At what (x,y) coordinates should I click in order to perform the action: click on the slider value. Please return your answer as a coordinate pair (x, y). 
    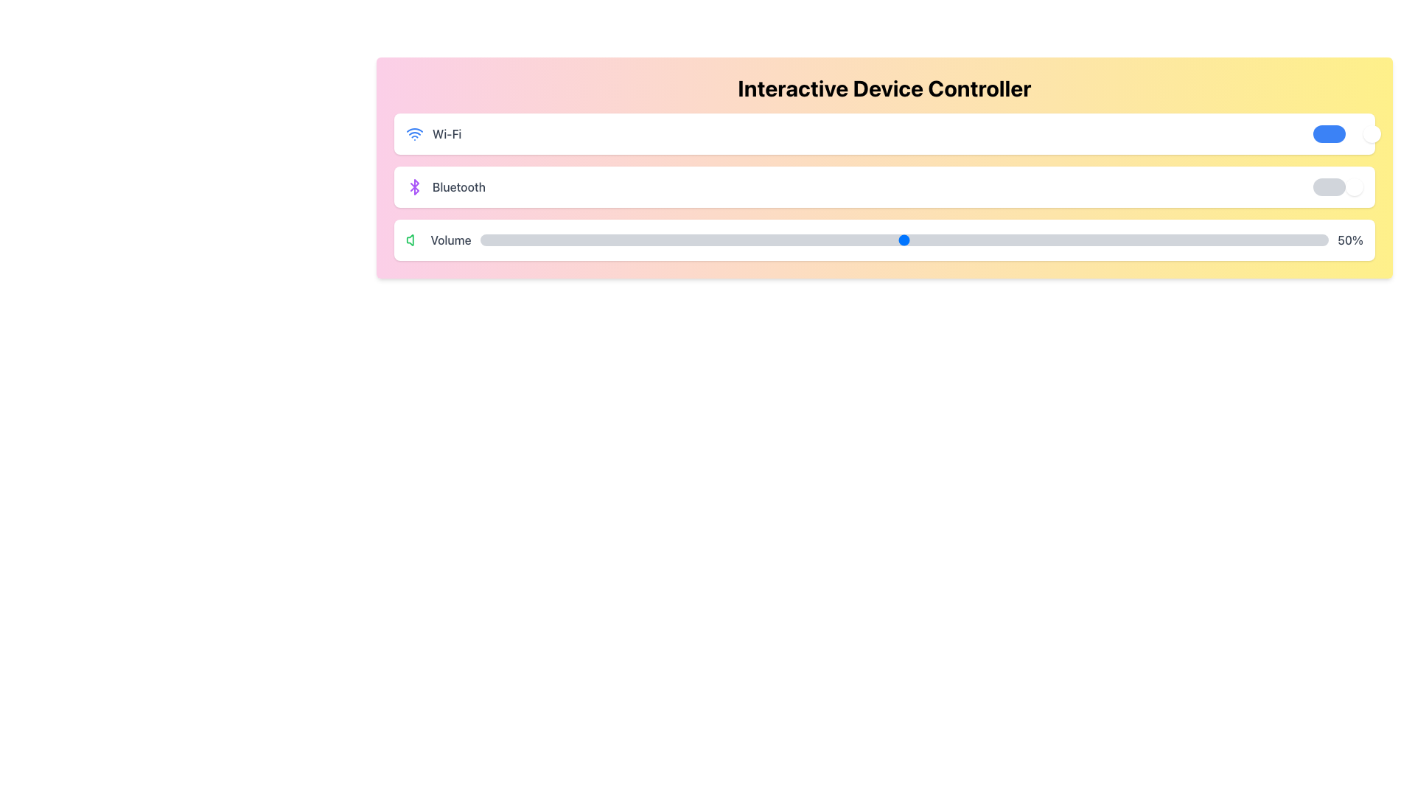
    Looking at the image, I should click on (887, 233).